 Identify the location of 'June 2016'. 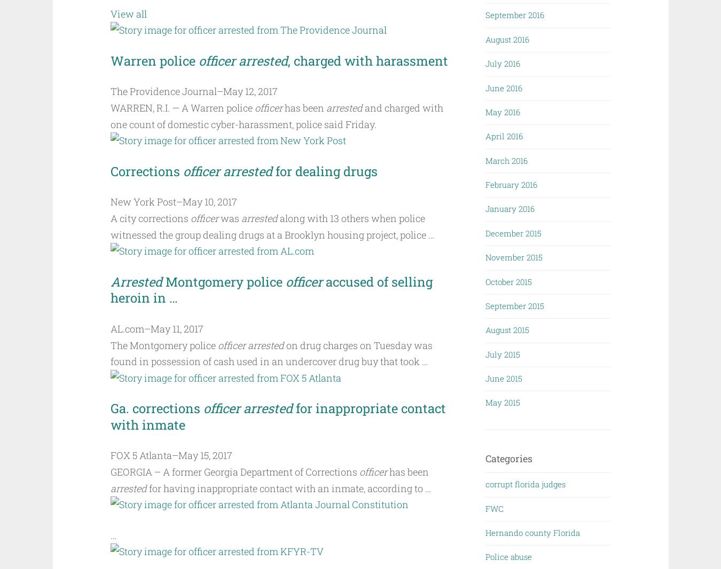
(503, 86).